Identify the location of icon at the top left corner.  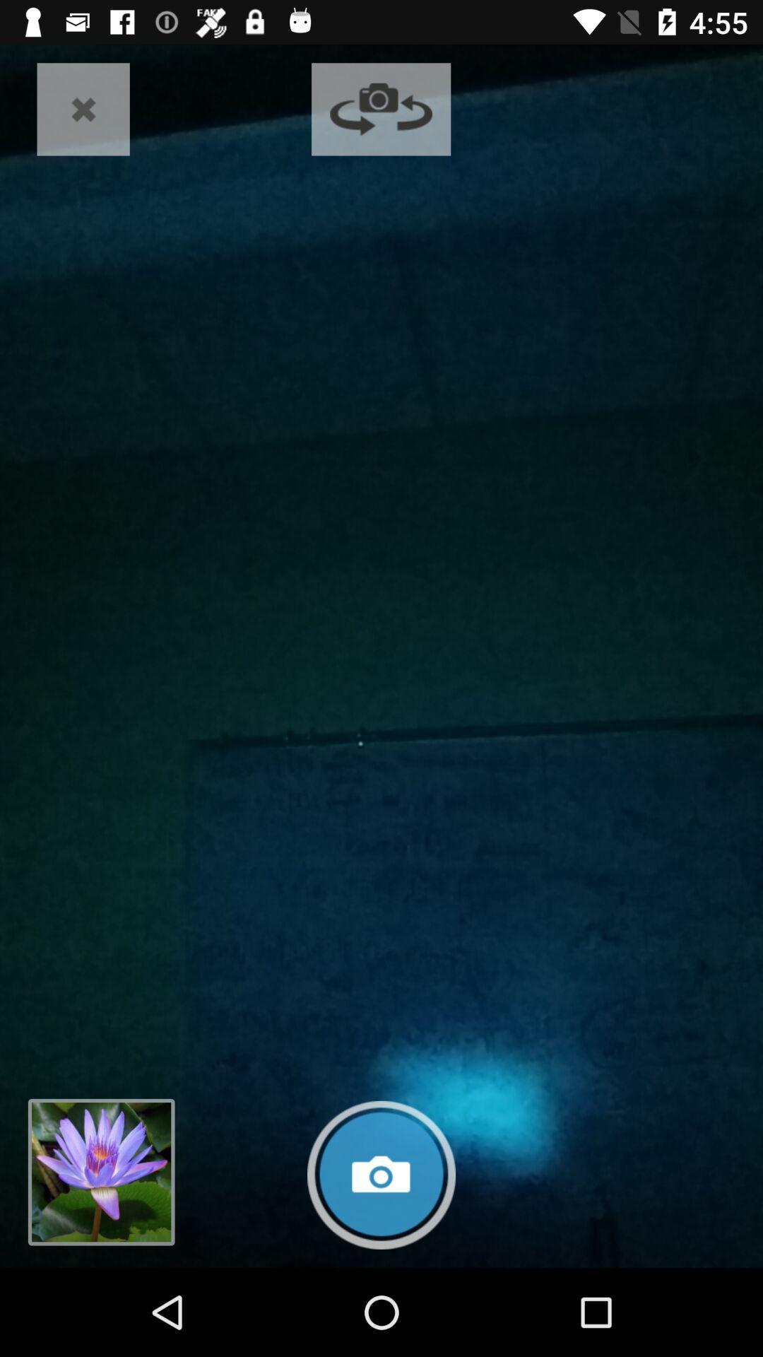
(83, 108).